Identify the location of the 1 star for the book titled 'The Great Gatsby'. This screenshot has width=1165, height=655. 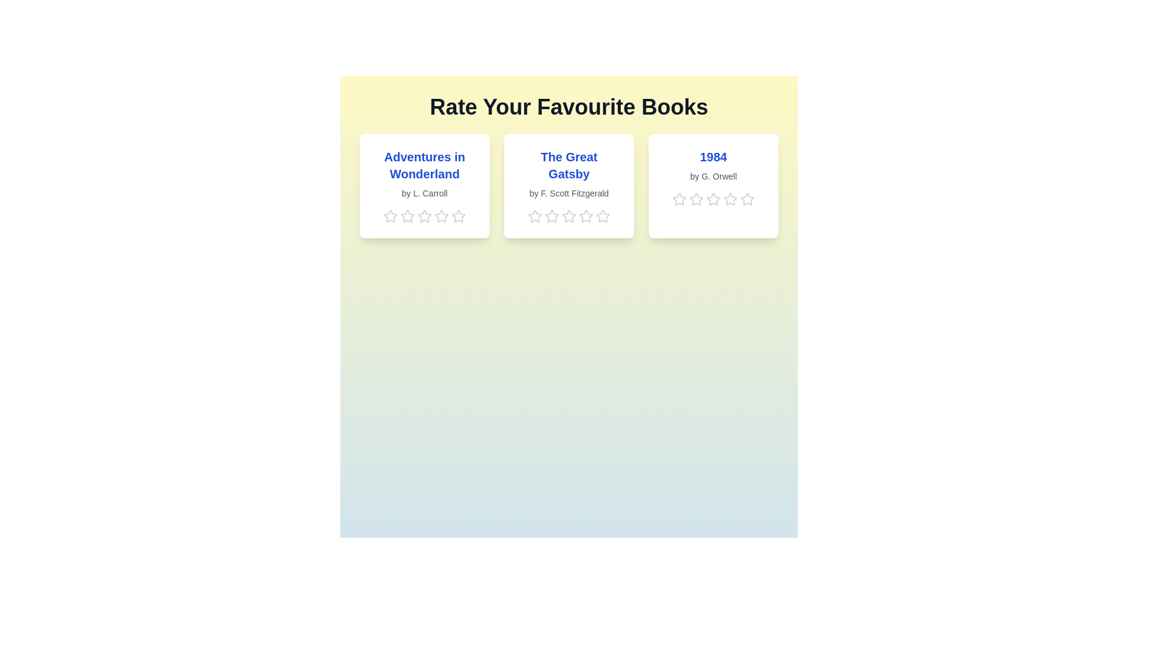
(535, 216).